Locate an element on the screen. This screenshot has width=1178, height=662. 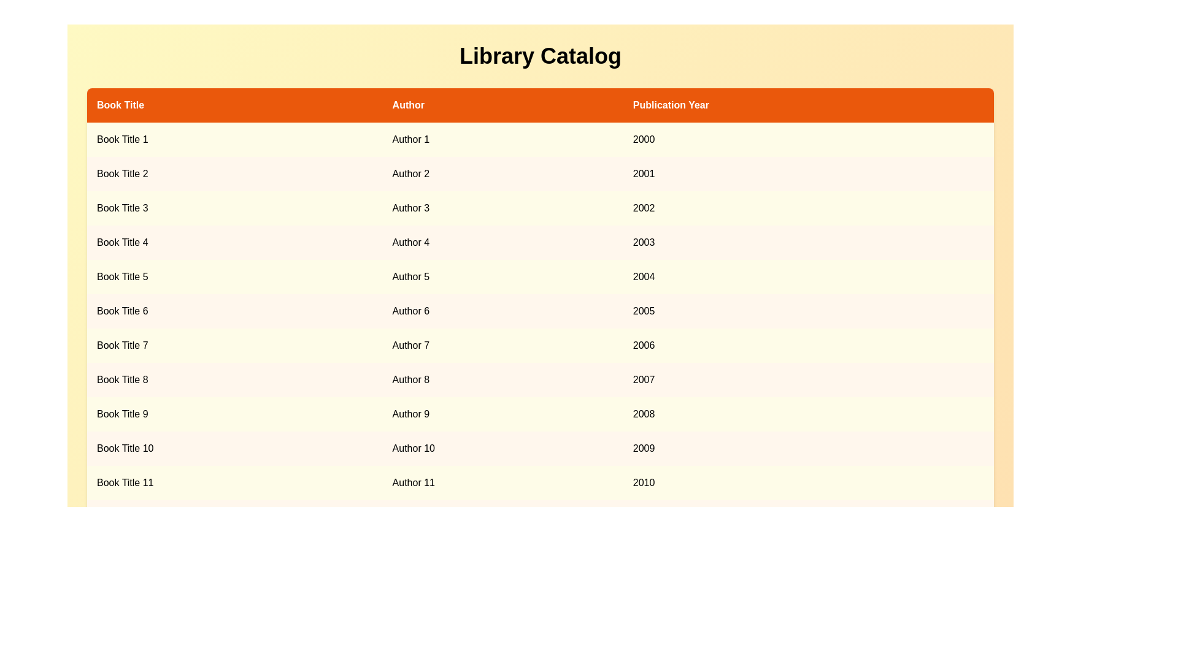
the column header 'Book Title' to sort the table by that column is located at coordinates (234, 105).